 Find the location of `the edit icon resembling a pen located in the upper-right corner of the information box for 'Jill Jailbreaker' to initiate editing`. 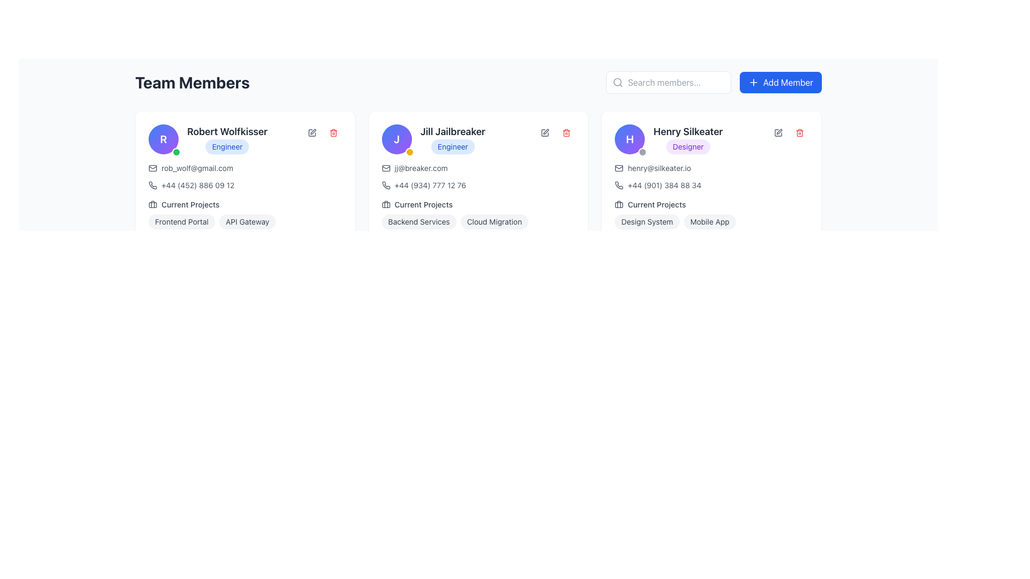

the edit icon resembling a pen located in the upper-right corner of the information box for 'Jill Jailbreaker' to initiate editing is located at coordinates (545, 132).